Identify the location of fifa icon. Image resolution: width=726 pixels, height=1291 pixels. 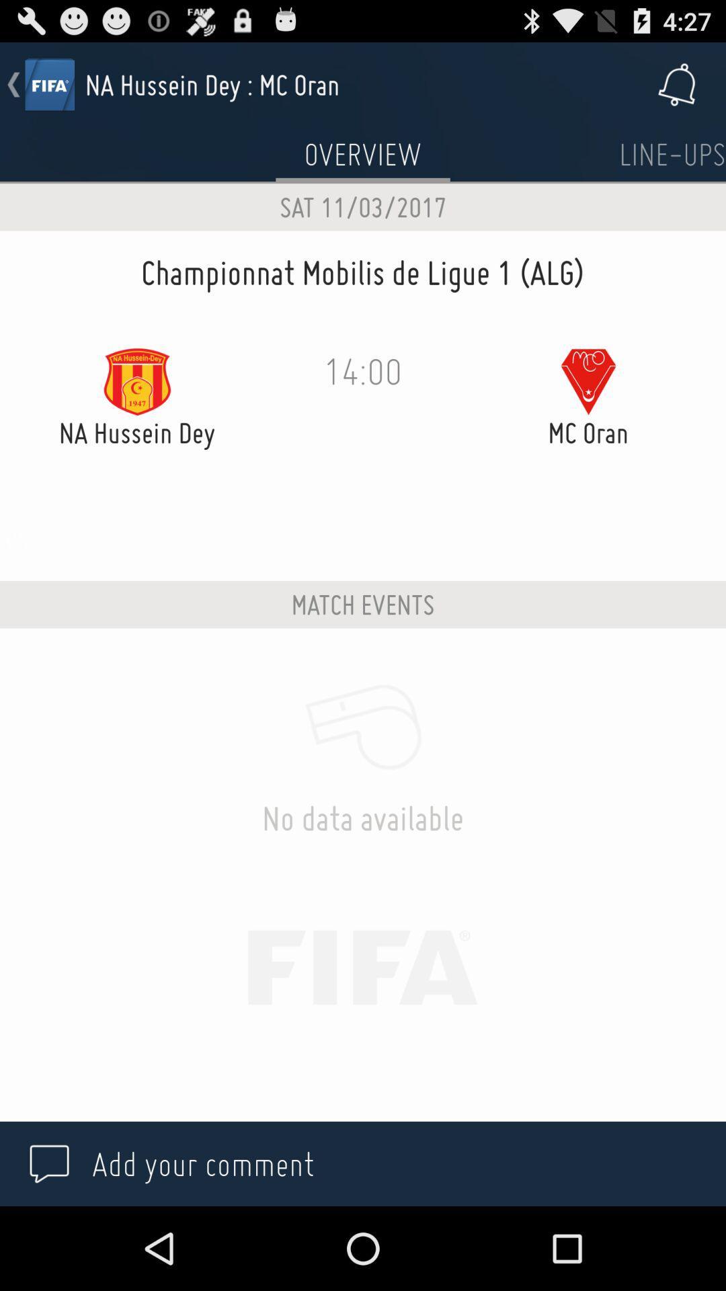
(48, 83).